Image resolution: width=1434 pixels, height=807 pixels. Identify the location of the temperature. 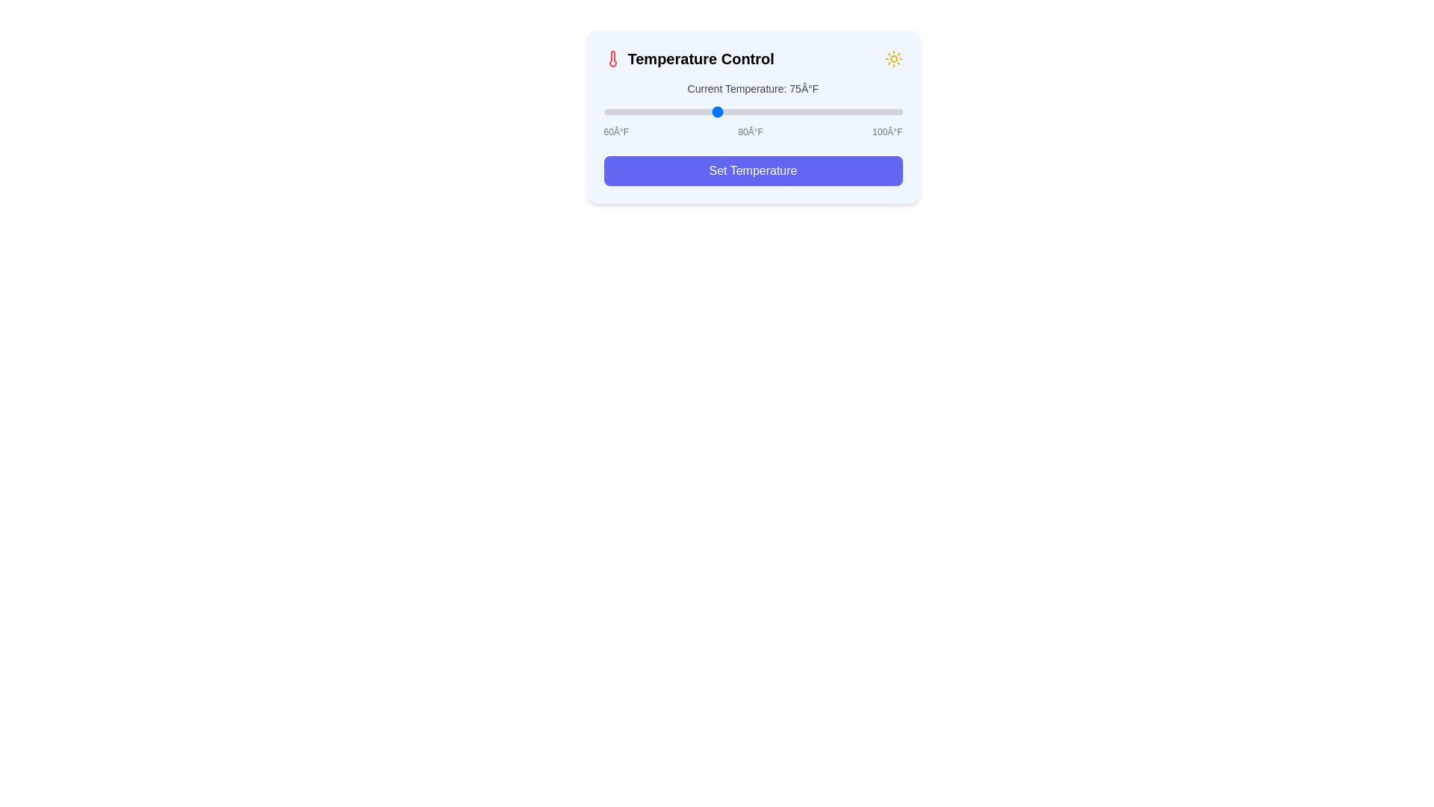
(827, 111).